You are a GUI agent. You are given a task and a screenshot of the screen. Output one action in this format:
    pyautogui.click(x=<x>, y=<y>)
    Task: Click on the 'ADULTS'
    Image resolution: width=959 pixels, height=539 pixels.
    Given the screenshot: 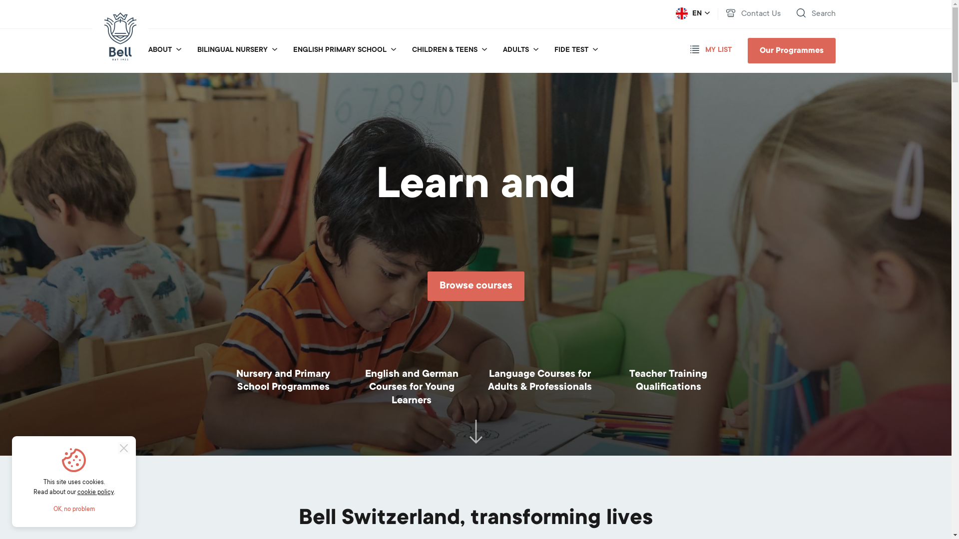 What is the action you would take?
    pyautogui.click(x=515, y=50)
    